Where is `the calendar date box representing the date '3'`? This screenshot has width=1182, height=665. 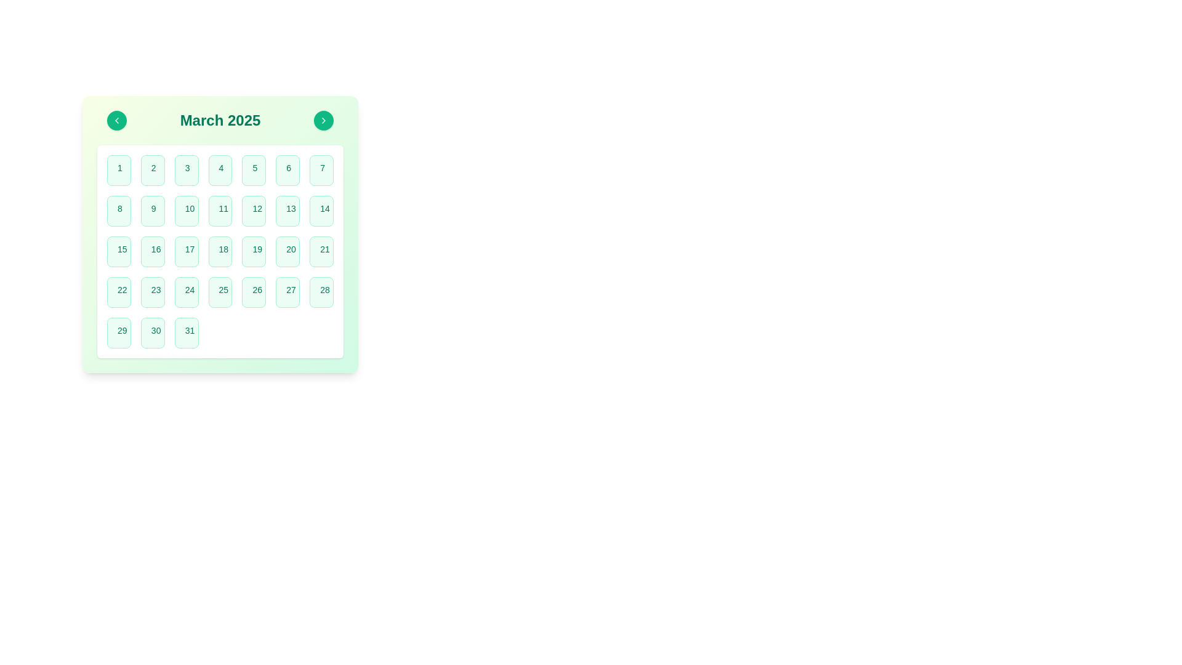 the calendar date box representing the date '3' is located at coordinates (186, 171).